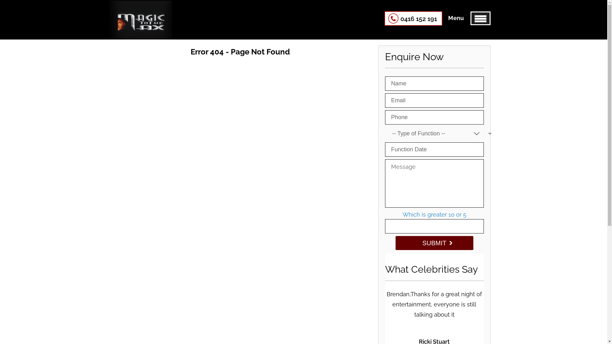  What do you see at coordinates (413, 18) in the screenshot?
I see `'0416 152 191'` at bounding box center [413, 18].